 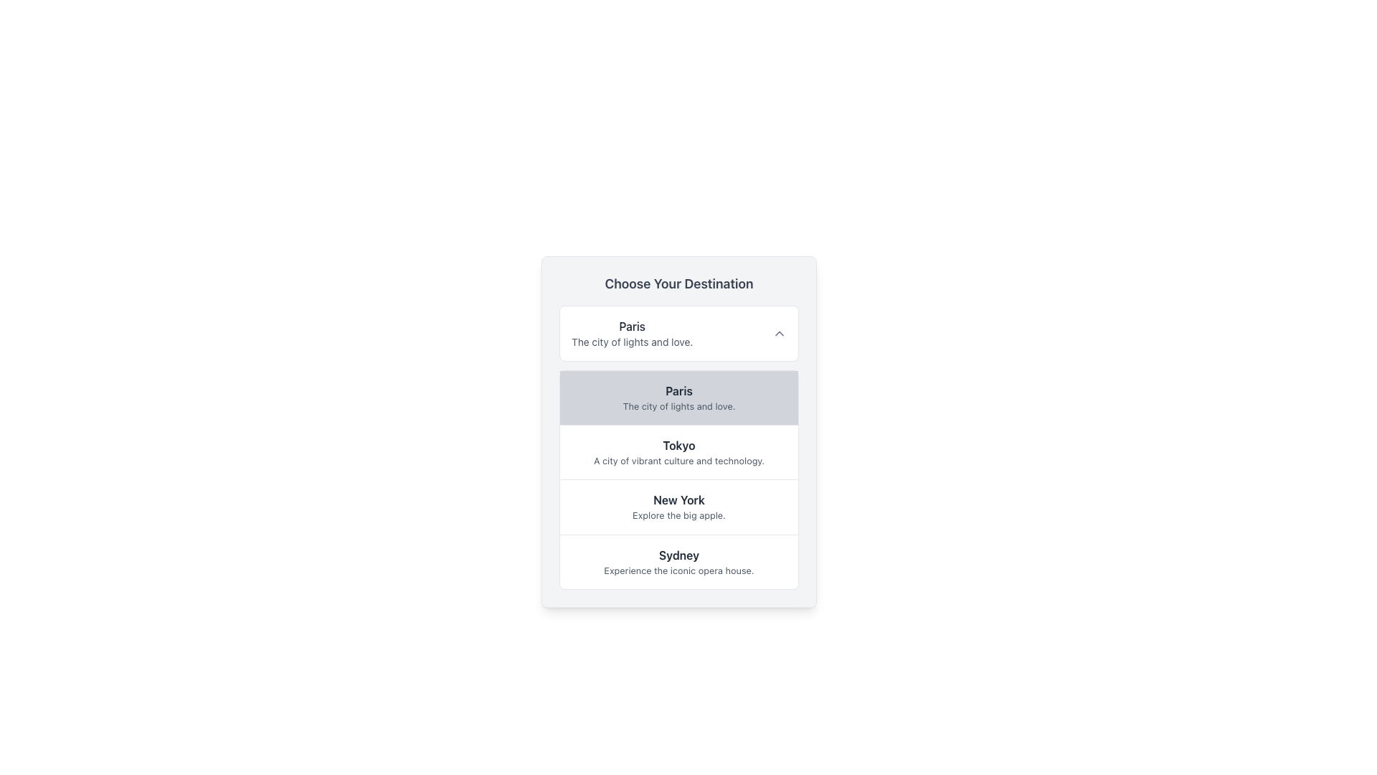 What do you see at coordinates (631, 334) in the screenshot?
I see `the selectable option labeled 'Paris' in the 'Choose Your Destination' list` at bounding box center [631, 334].